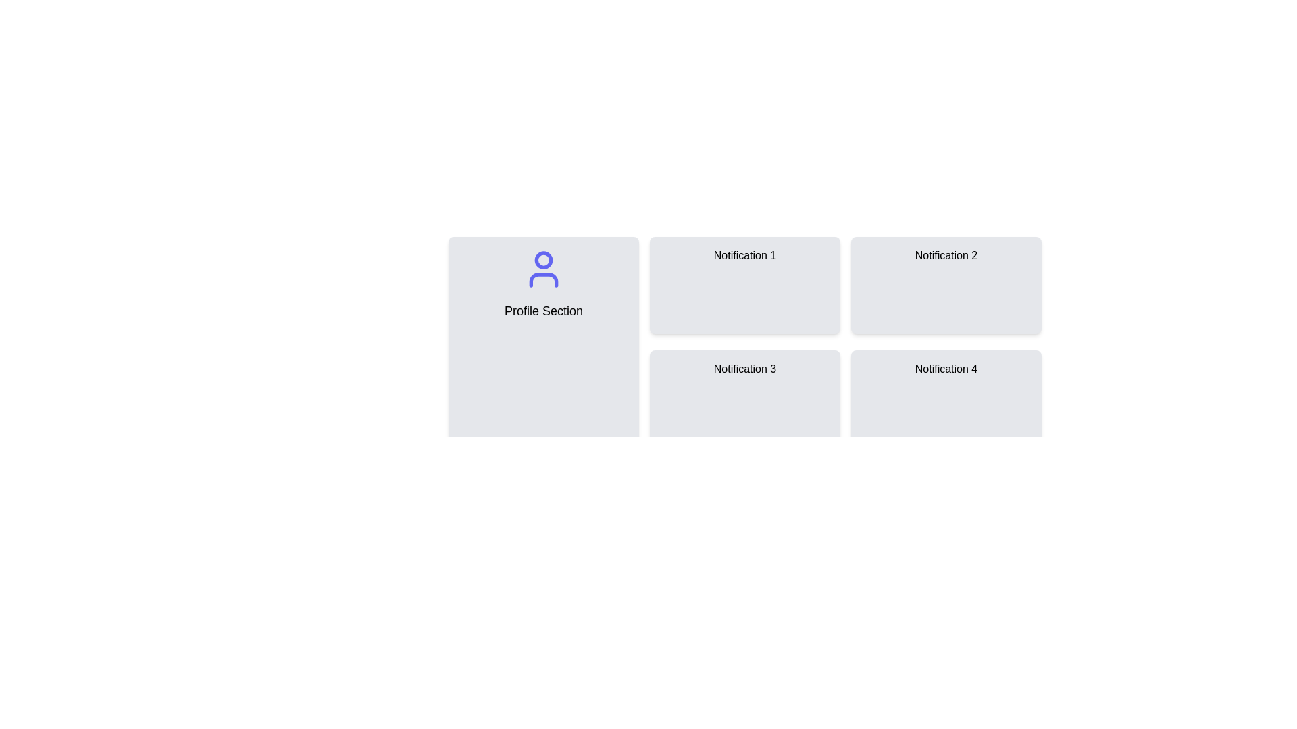 The height and width of the screenshot is (729, 1297). Describe the element at coordinates (544, 269) in the screenshot. I see `the user profile icon located at the top center of the 'Profile Section', which symbolizes access to profile-related functionalities` at that location.